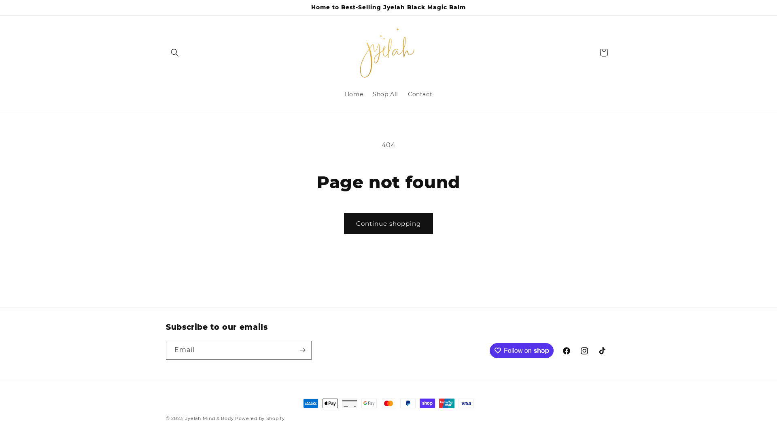 This screenshot has width=777, height=437. Describe the element at coordinates (403, 93) in the screenshot. I see `'Contact'` at that location.